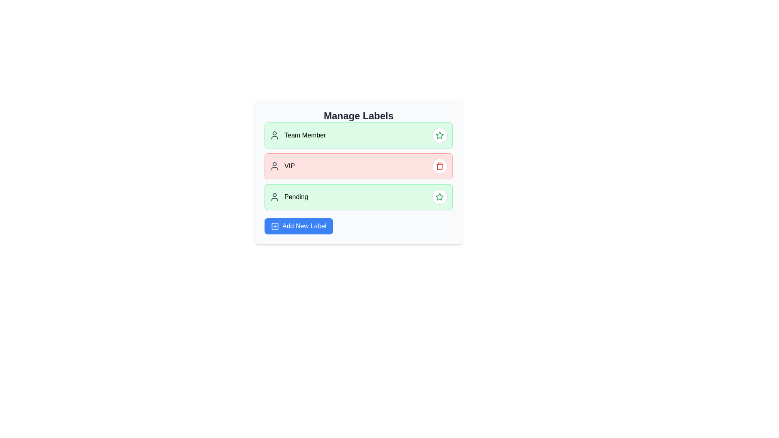 The width and height of the screenshot is (779, 438). What do you see at coordinates (274, 197) in the screenshot?
I see `the user icon represented as a minimalistic graphic of an individual, styled in gray, located next to the text 'Pending' within a green-bordered rectangular section` at bounding box center [274, 197].